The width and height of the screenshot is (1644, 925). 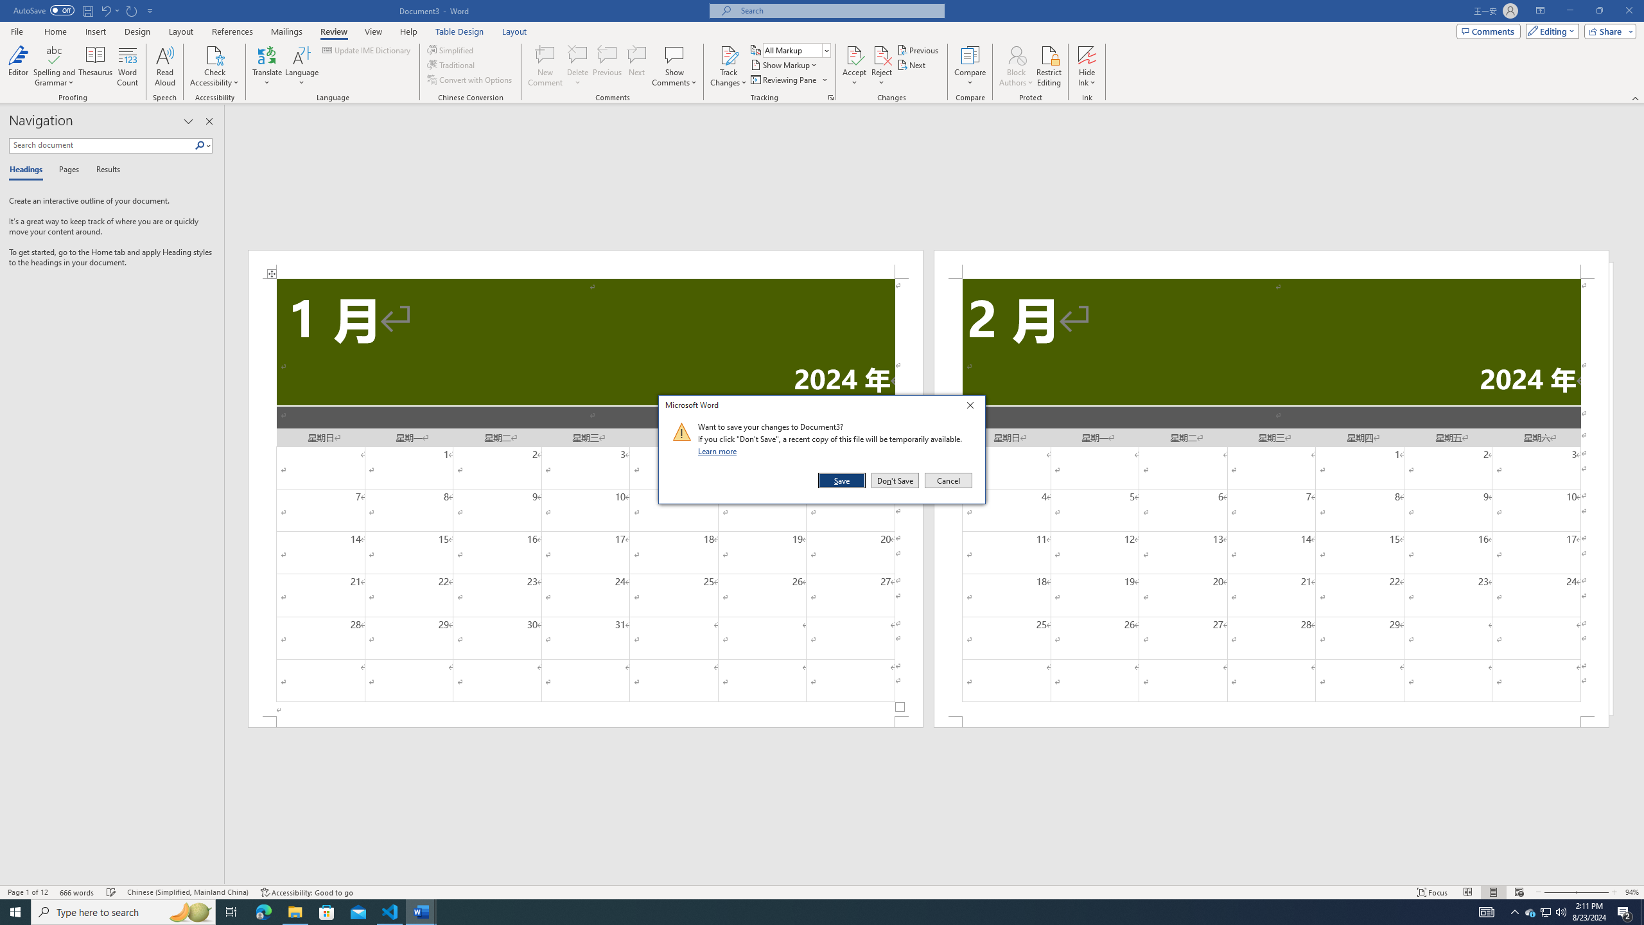 I want to click on 'Track Changes', so click(x=728, y=54).